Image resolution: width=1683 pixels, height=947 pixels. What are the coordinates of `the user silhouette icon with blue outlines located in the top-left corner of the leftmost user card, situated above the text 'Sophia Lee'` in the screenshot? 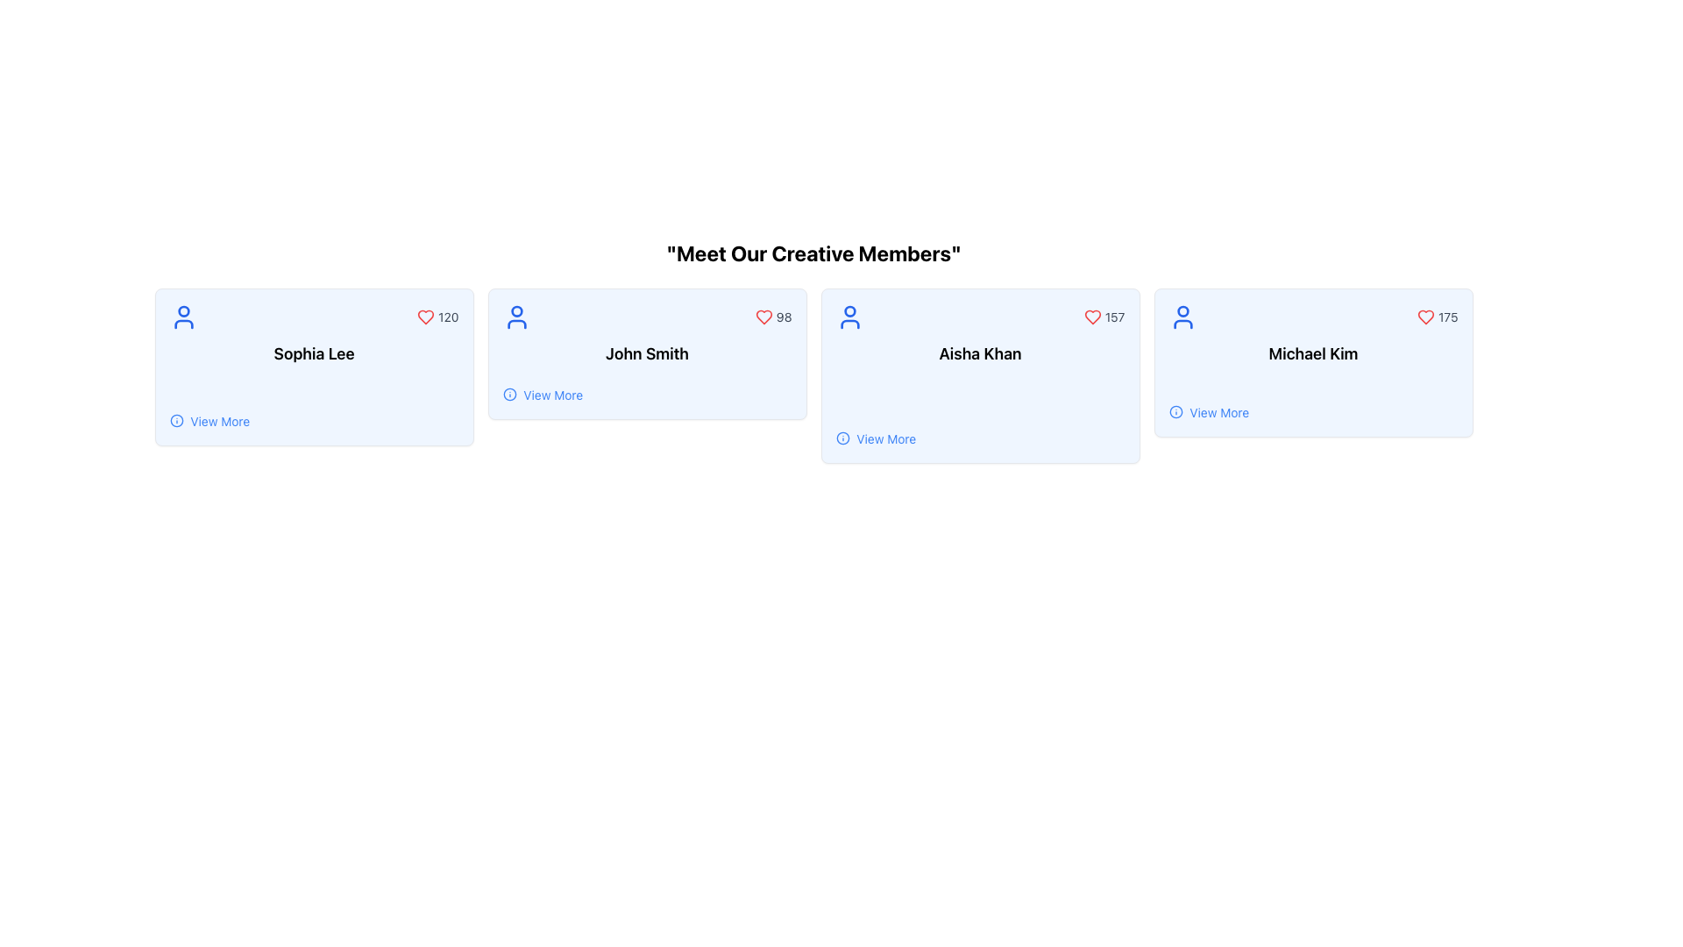 It's located at (183, 317).